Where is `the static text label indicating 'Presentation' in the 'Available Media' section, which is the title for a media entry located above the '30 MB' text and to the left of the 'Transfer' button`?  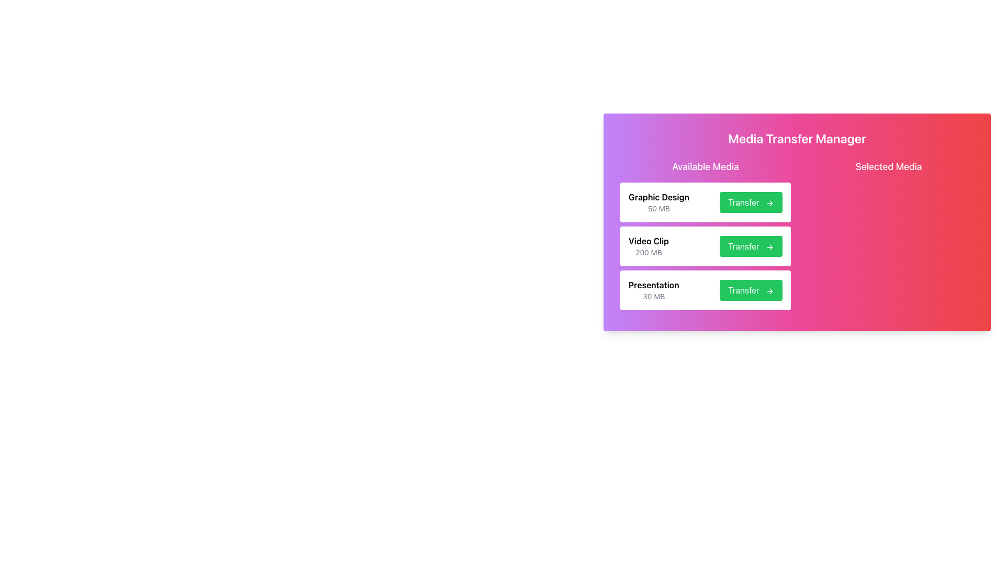 the static text label indicating 'Presentation' in the 'Available Media' section, which is the title for a media entry located above the '30 MB' text and to the left of the 'Transfer' button is located at coordinates (653, 285).